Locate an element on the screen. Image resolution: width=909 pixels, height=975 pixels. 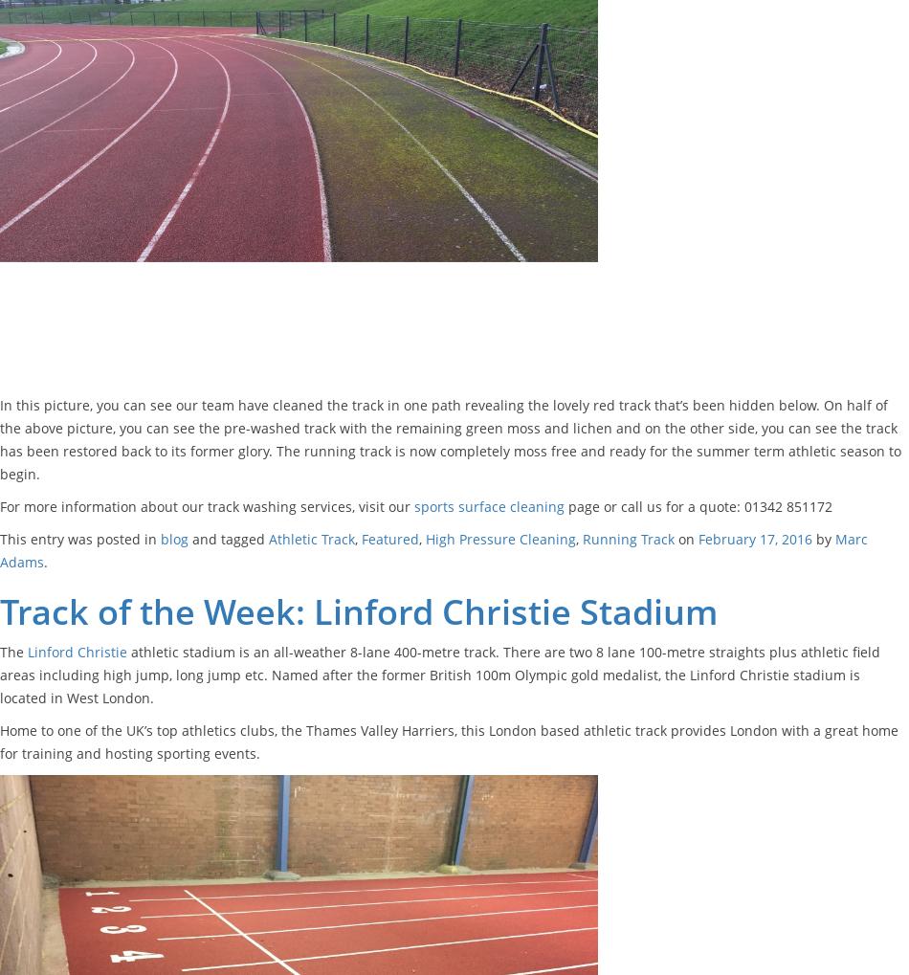
'Running Track' is located at coordinates (629, 537).